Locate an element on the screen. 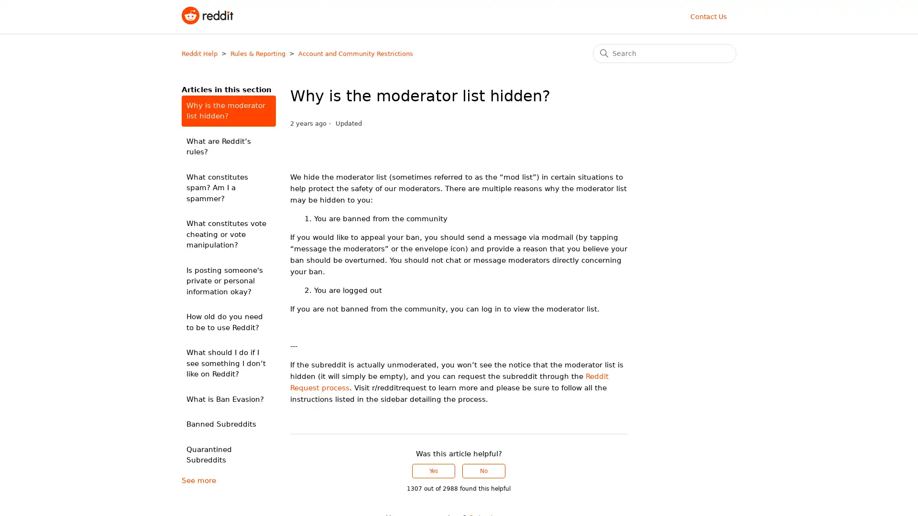 The width and height of the screenshot is (918, 516). This article was helpful is located at coordinates (433, 471).